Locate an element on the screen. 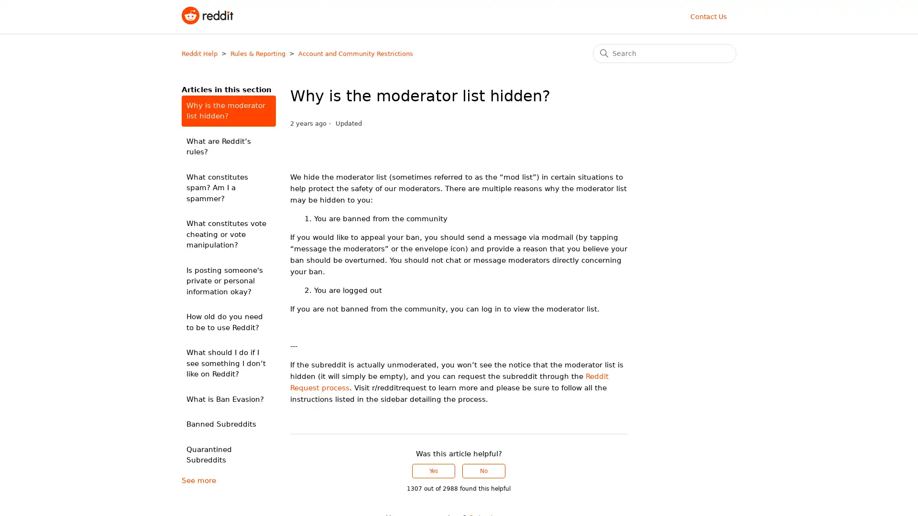 The width and height of the screenshot is (918, 516). This article was helpful is located at coordinates (433, 471).